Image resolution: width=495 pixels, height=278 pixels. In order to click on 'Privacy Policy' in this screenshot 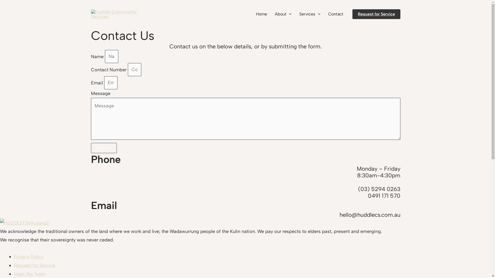, I will do `click(28, 256)`.